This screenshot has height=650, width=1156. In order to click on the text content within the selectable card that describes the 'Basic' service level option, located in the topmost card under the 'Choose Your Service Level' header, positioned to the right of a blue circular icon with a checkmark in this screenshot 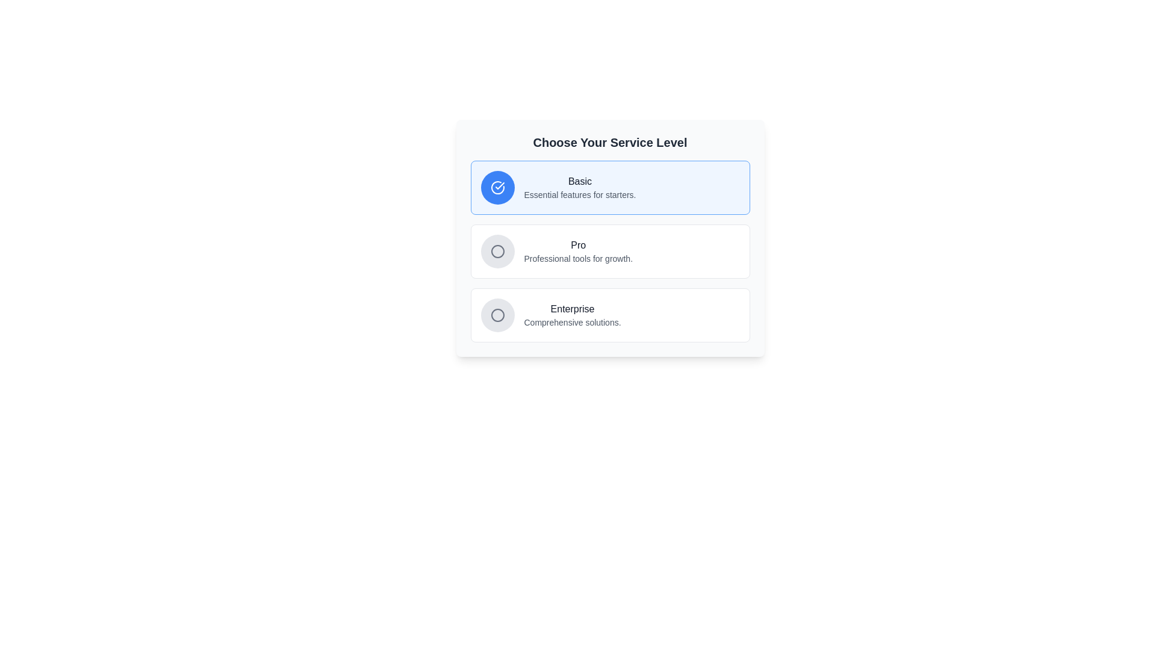, I will do `click(580, 188)`.